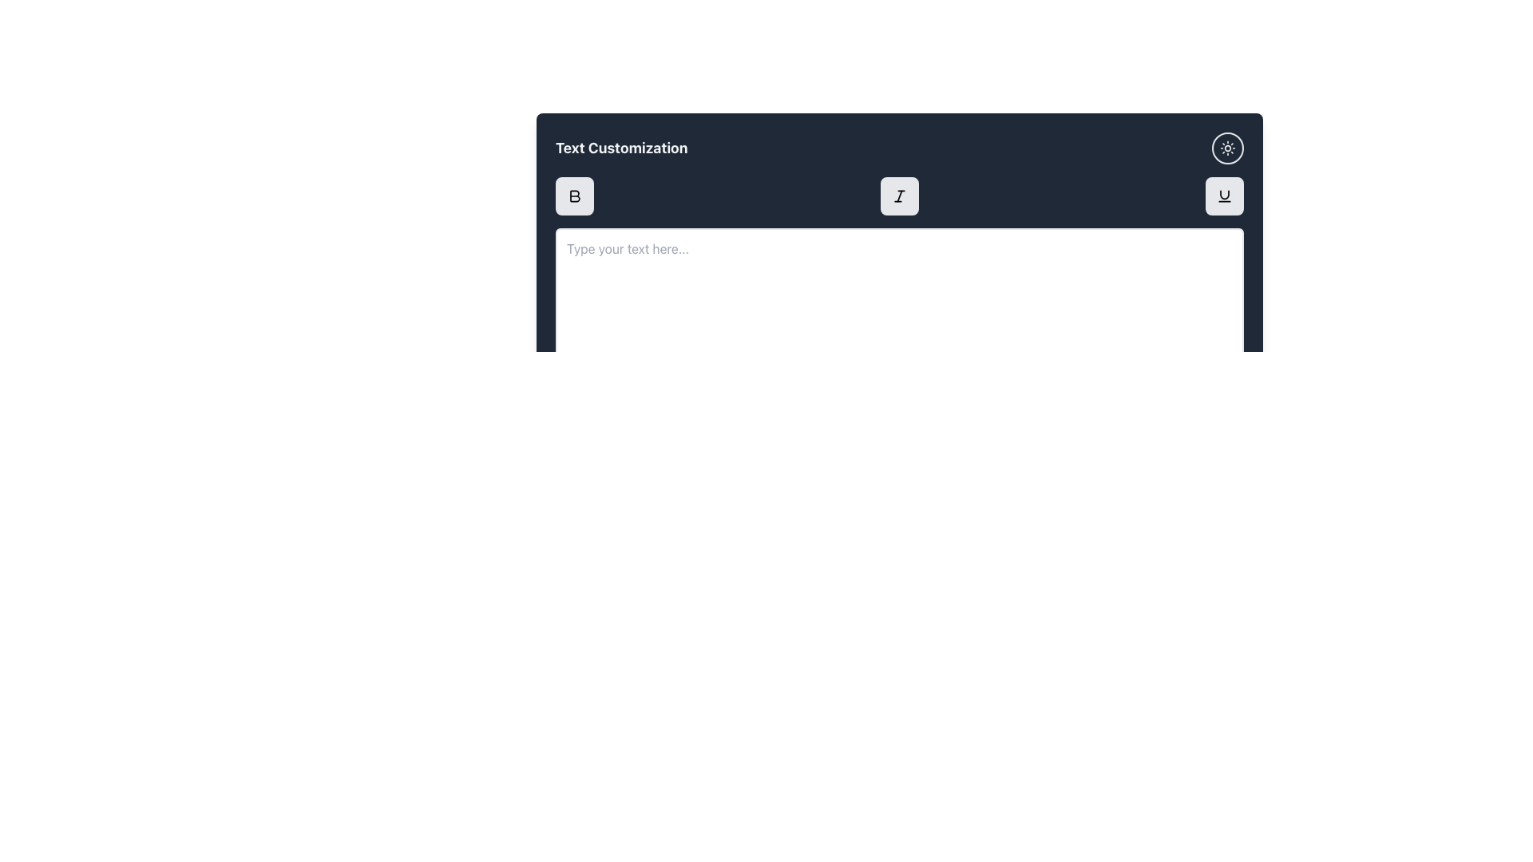 The height and width of the screenshot is (862, 1533). I want to click on the toggle button for theme switcher or brightness adjustment located in the top-right corner of the 'Text Customization' header, so click(1226, 148).